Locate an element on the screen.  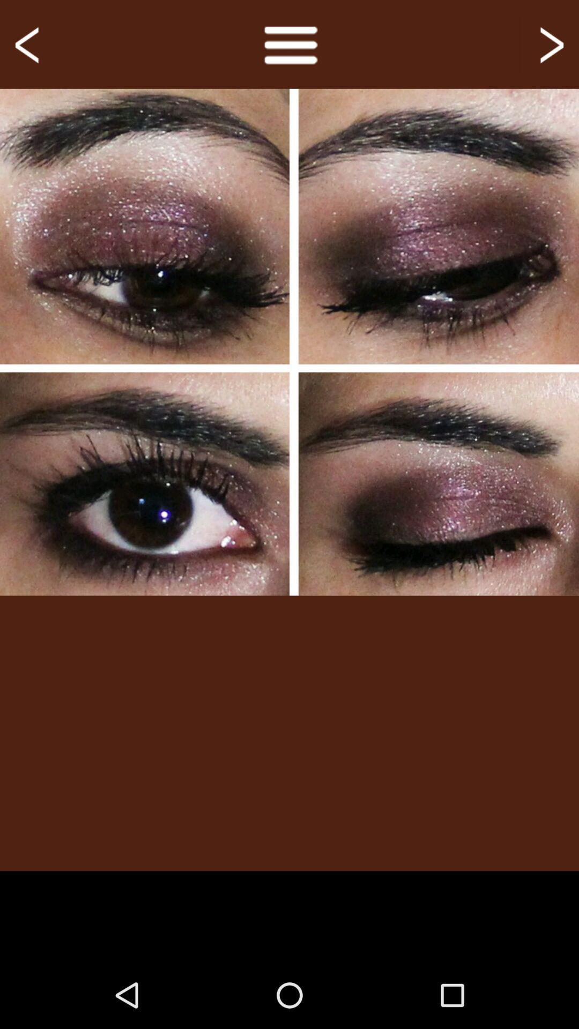
the menu icon is located at coordinates (289, 47).